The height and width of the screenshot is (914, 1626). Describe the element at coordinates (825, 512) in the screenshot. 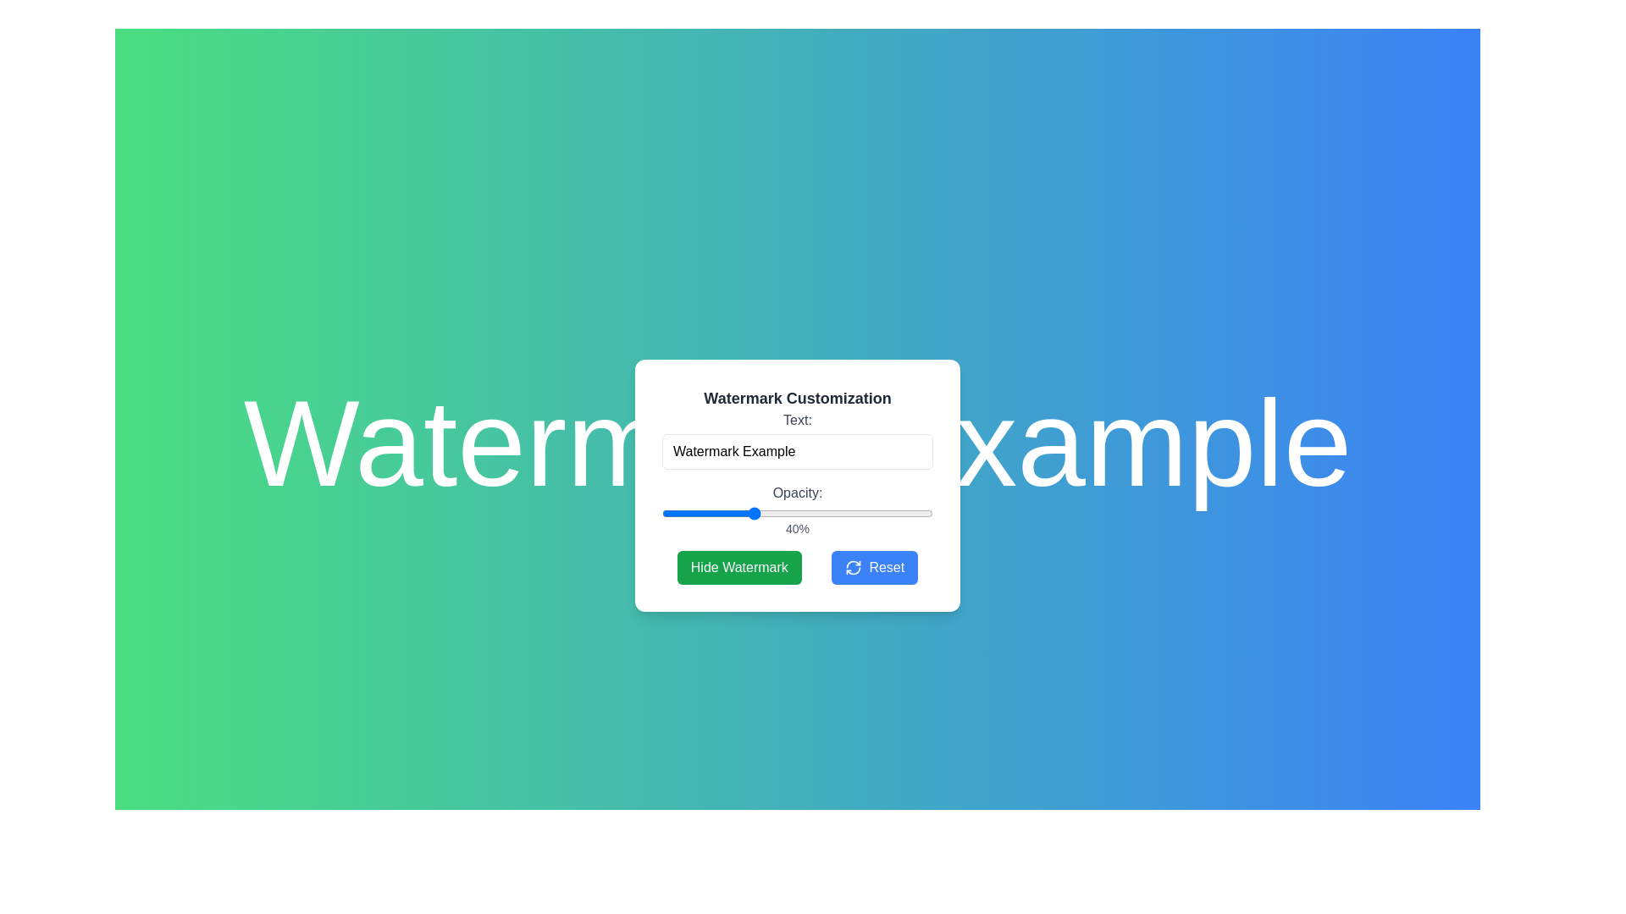

I see `opacity` at that location.